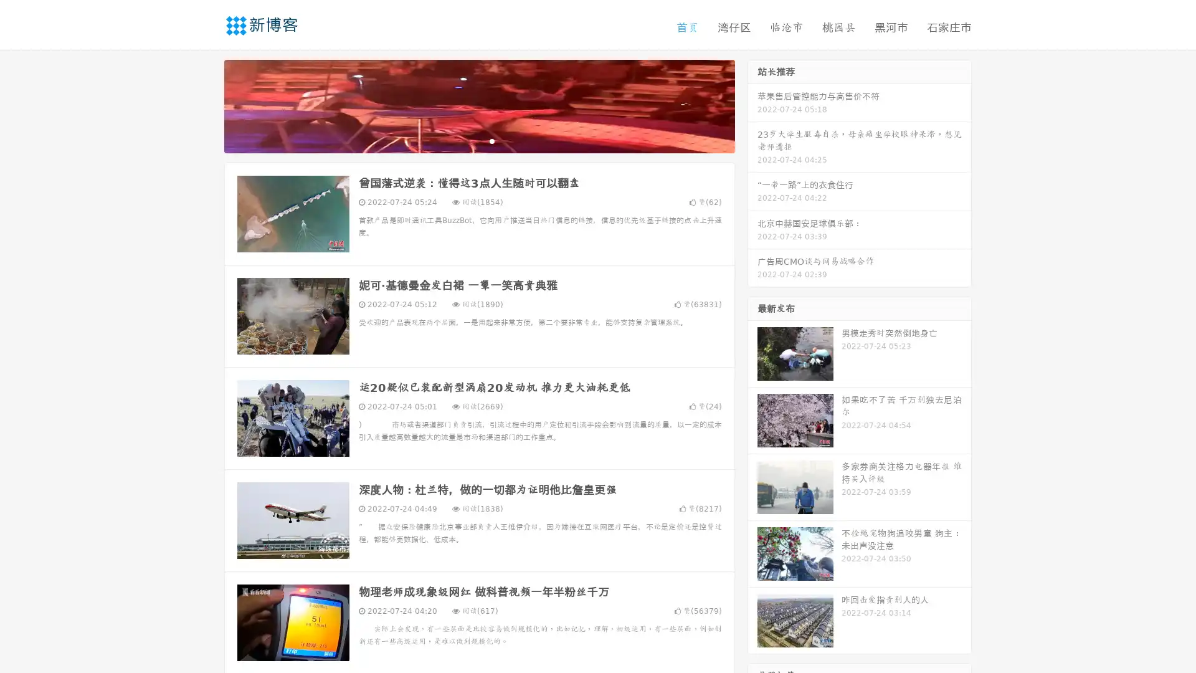 This screenshot has width=1196, height=673. Describe the element at coordinates (478, 140) in the screenshot. I see `Go to slide 2` at that location.